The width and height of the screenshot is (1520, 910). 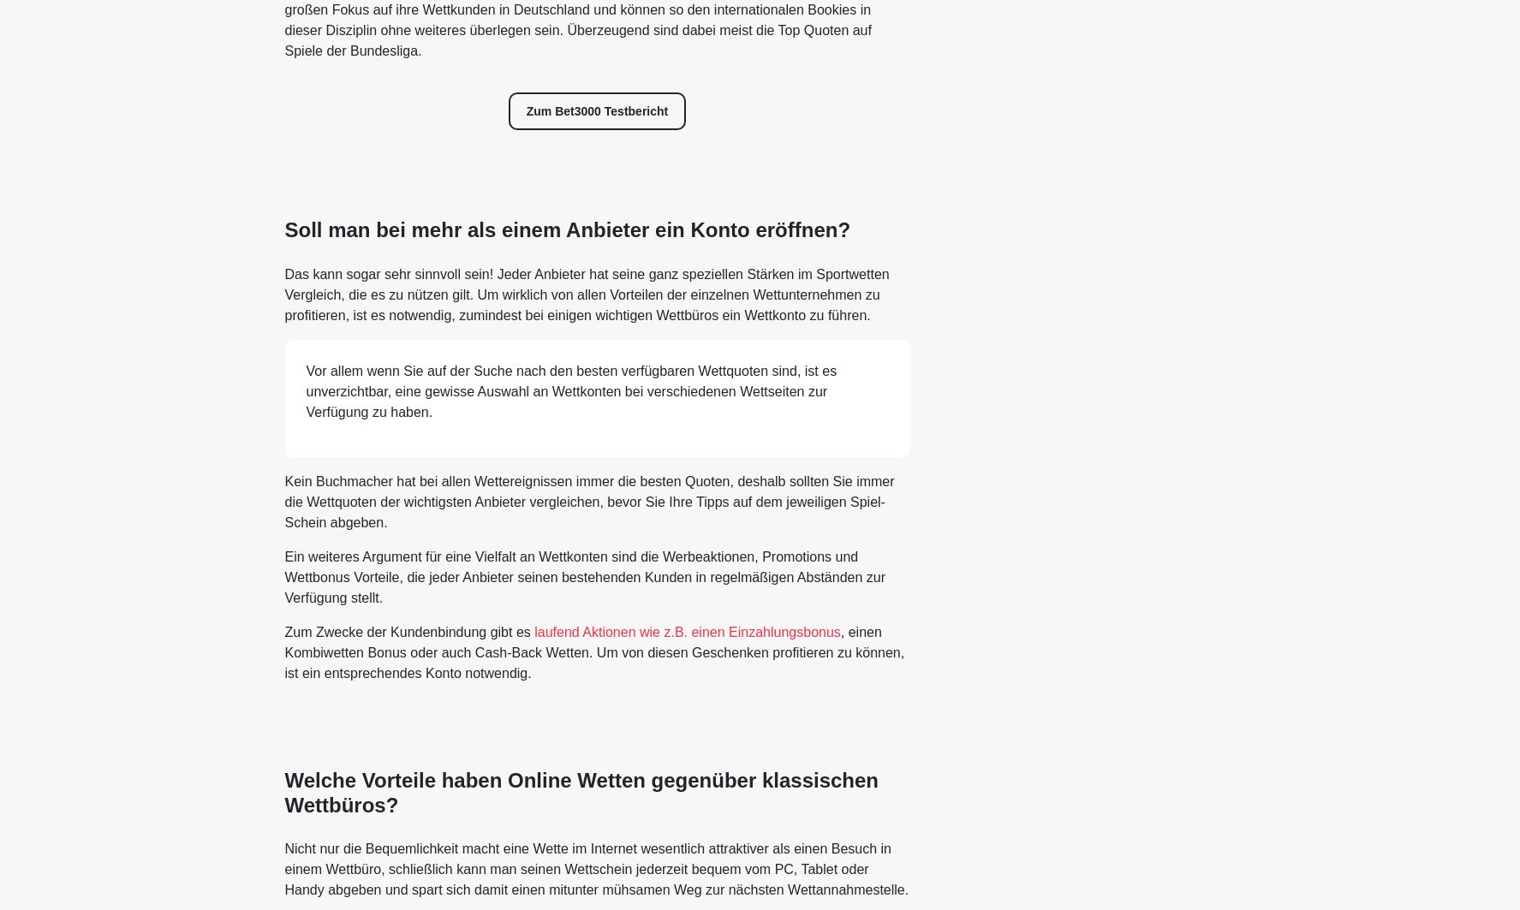 I want to click on 'laufend Aktionen wie z.B. einen Einzahlungsbonus', so click(x=533, y=630).